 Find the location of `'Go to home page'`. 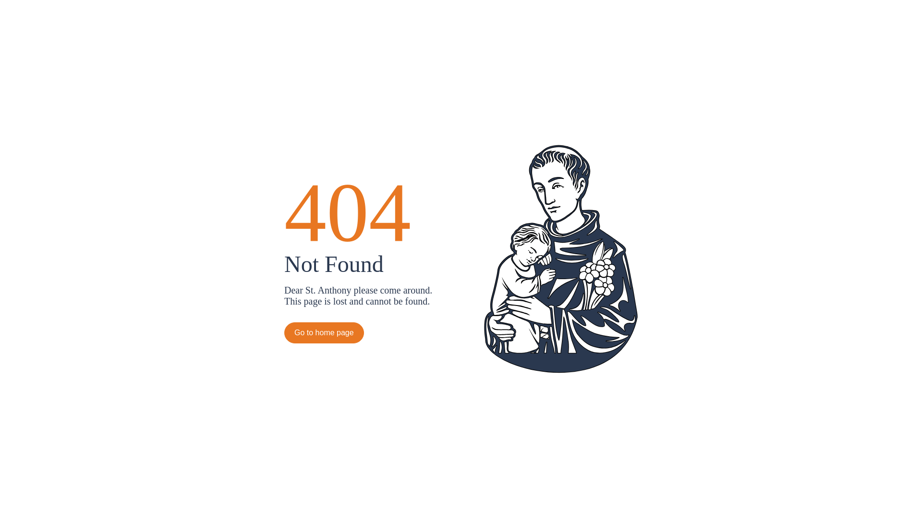

'Go to home page' is located at coordinates (324, 332).